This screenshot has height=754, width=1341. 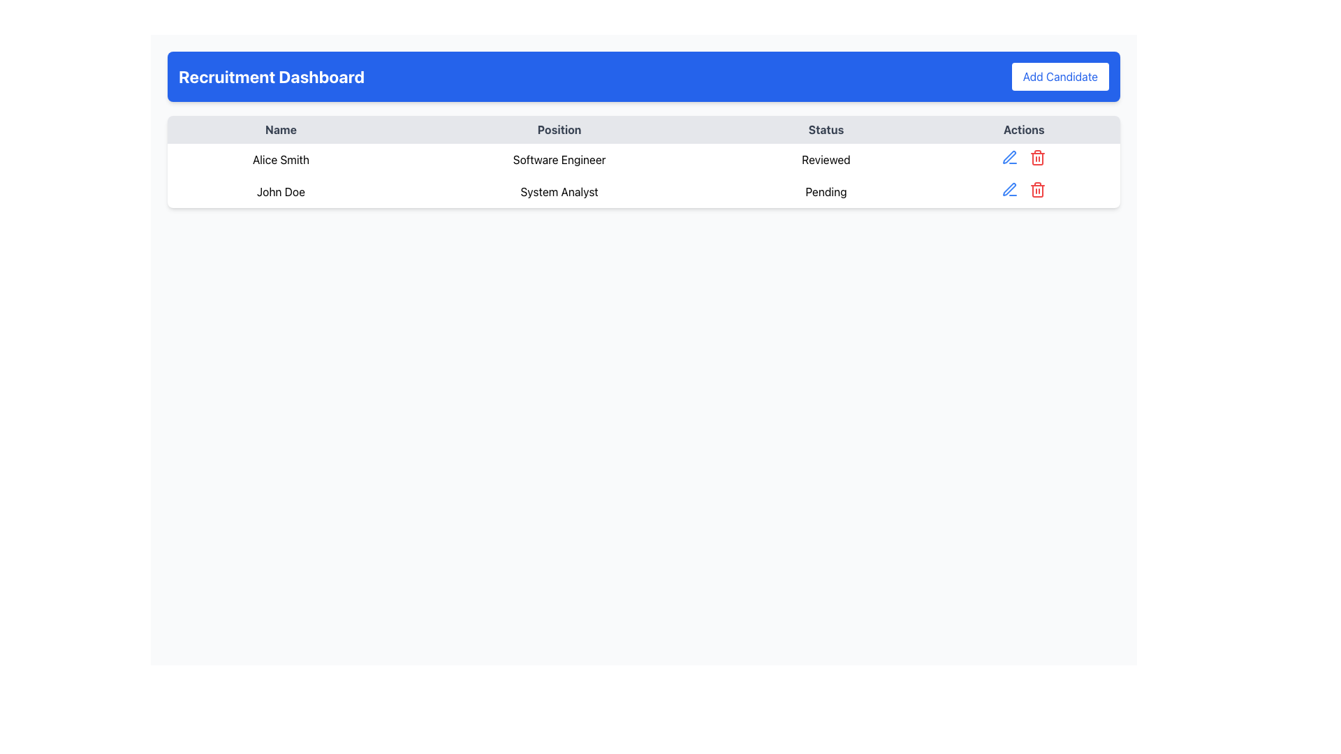 What do you see at coordinates (559, 191) in the screenshot?
I see `the 'System Analyst' text label located in the second row under the 'Position' column of the table` at bounding box center [559, 191].